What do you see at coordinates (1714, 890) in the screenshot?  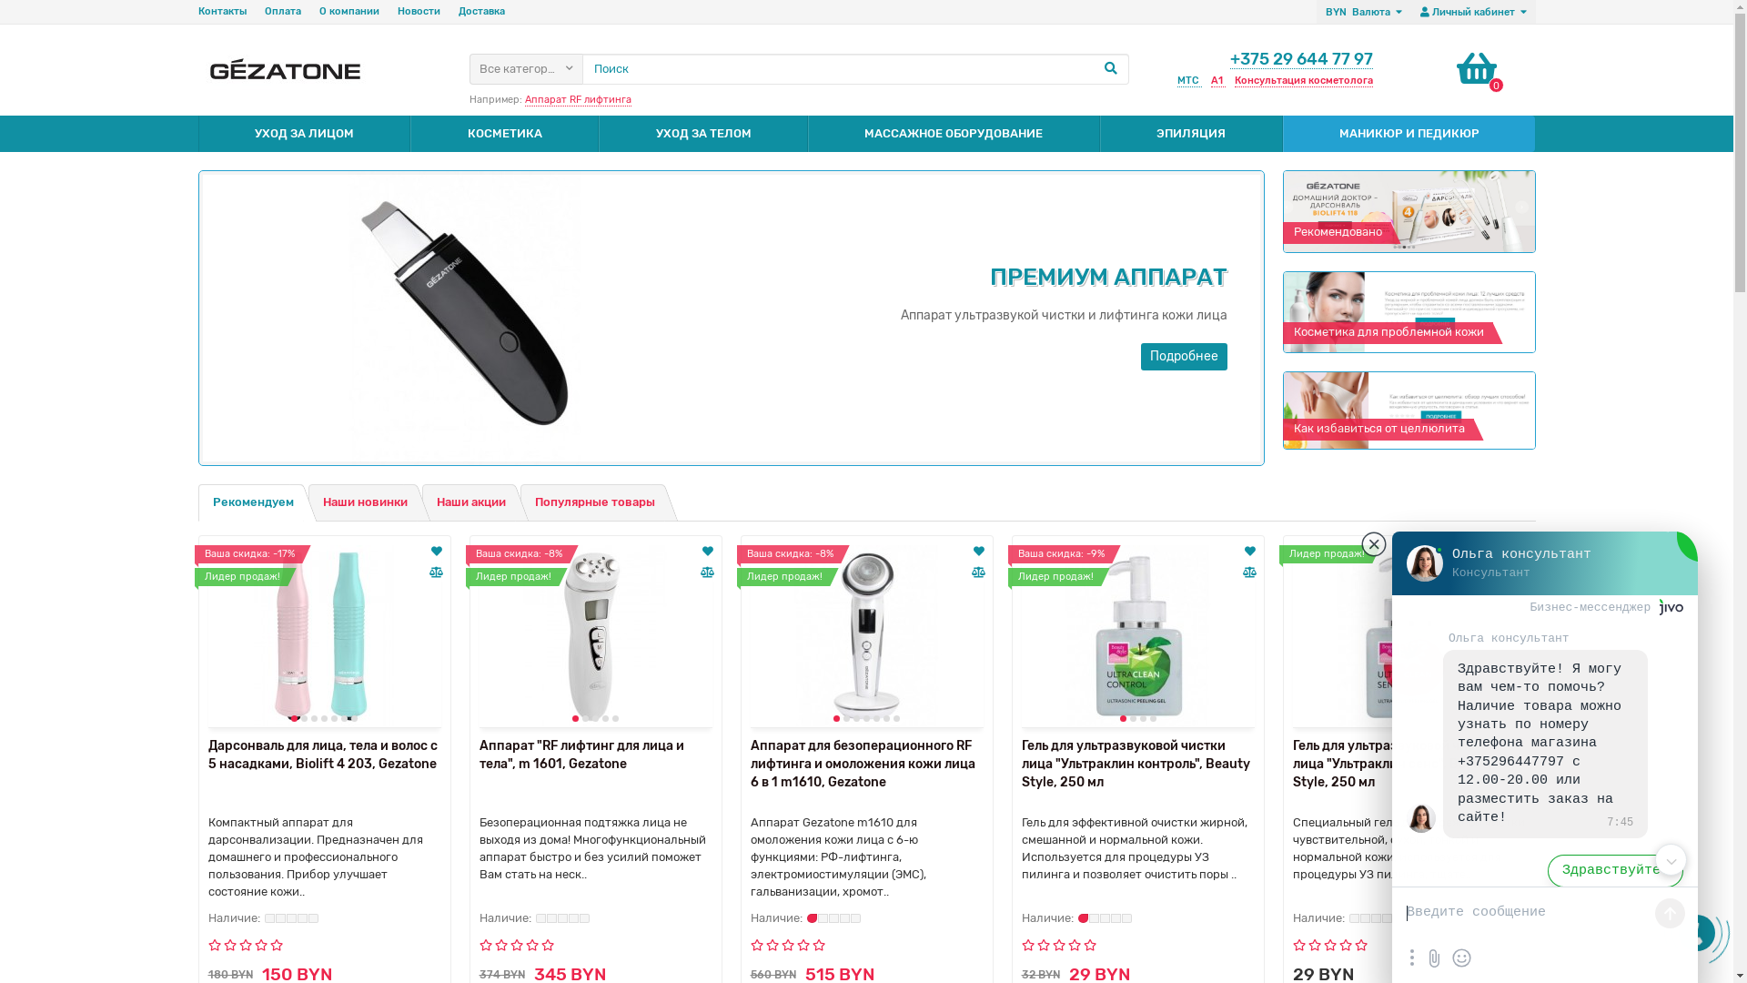 I see `'0'` at bounding box center [1714, 890].